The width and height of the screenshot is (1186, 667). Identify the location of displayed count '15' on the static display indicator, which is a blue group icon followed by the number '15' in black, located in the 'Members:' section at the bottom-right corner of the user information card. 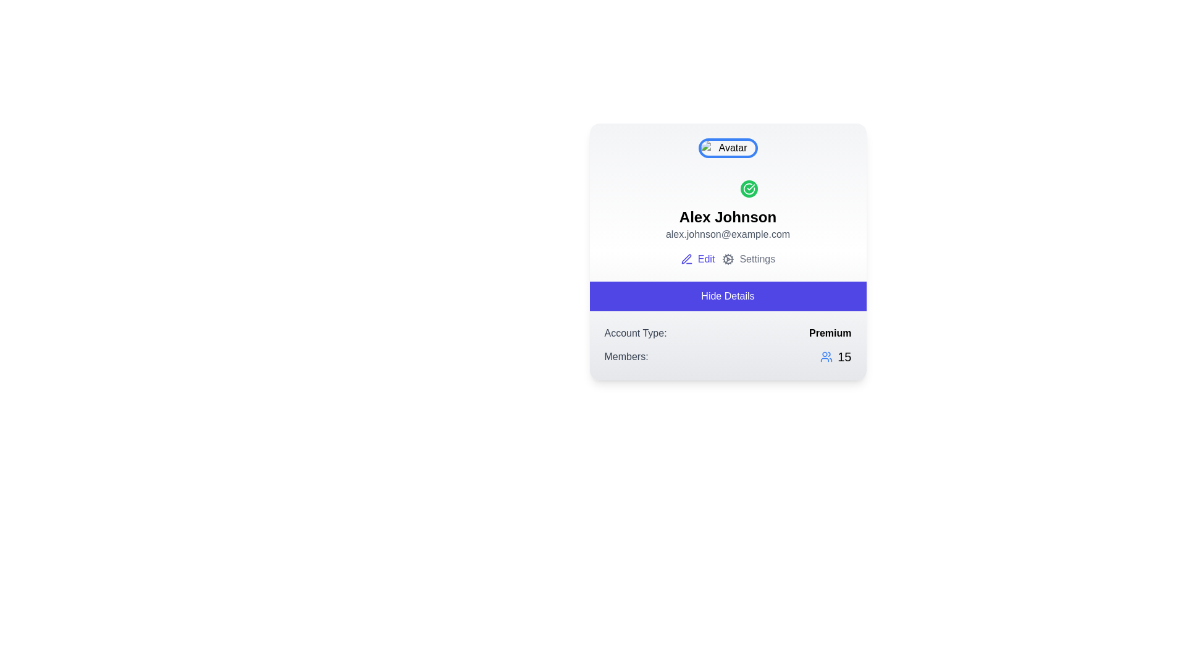
(836, 357).